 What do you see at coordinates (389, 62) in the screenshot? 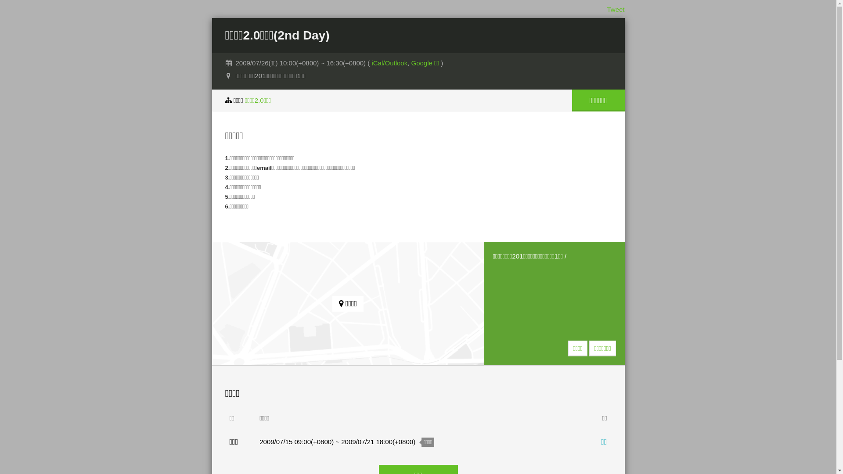
I see `'iCal/Outlook'` at bounding box center [389, 62].